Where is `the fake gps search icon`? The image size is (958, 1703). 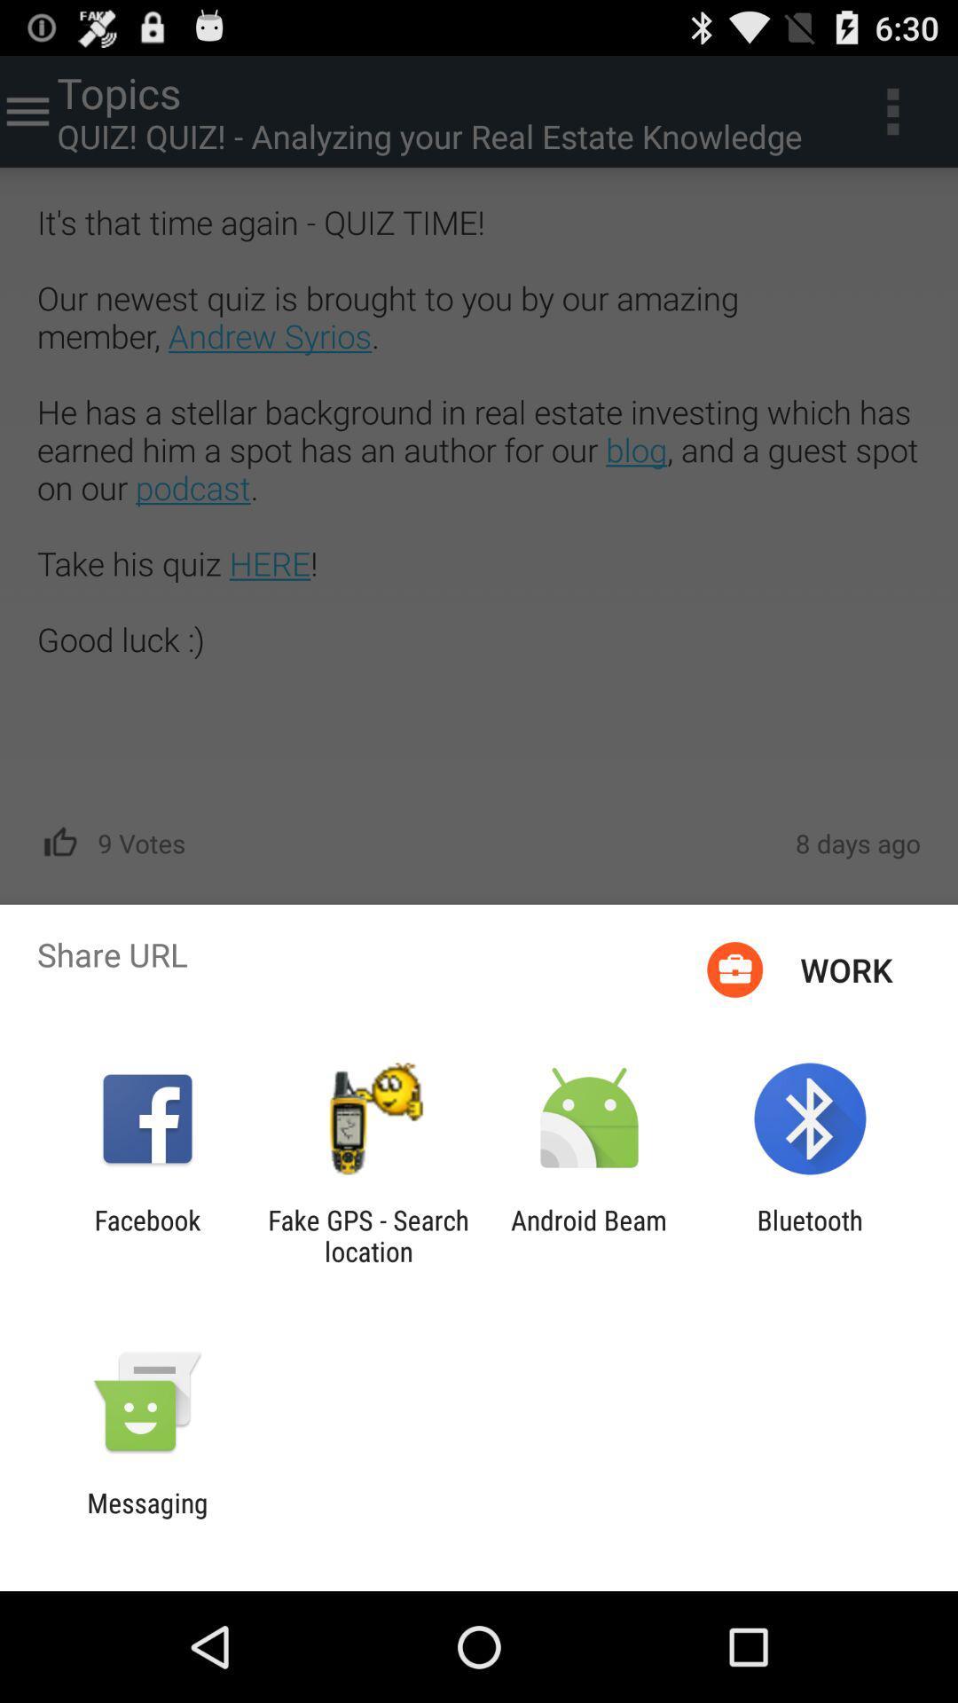 the fake gps search icon is located at coordinates (367, 1235).